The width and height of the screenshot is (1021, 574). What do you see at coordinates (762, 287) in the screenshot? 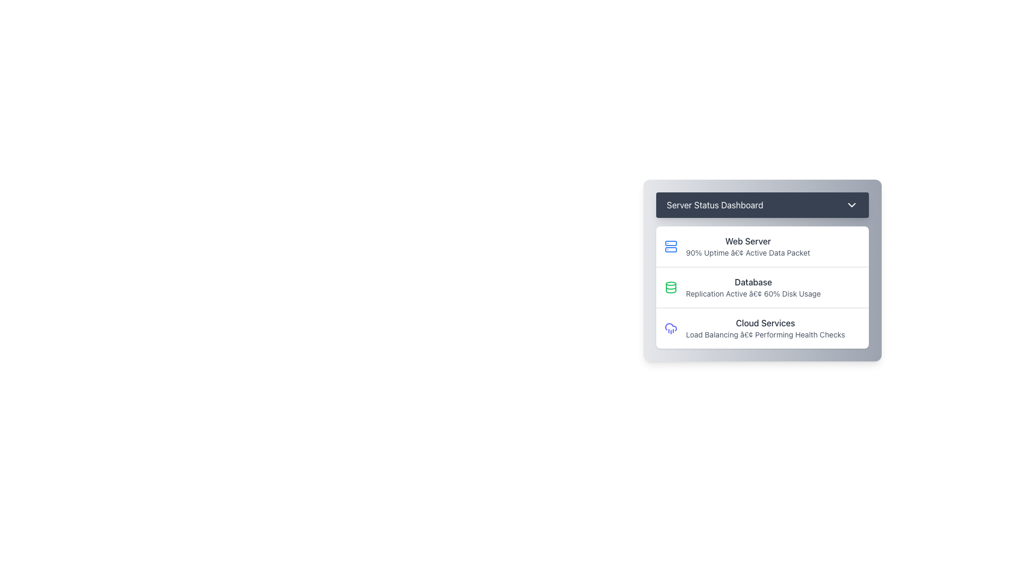
I see `the Status Display Card that provides status information about the database system in the 'Server Status Dashboard', located between 'Web Server' and 'Cloud Services'` at bounding box center [762, 287].